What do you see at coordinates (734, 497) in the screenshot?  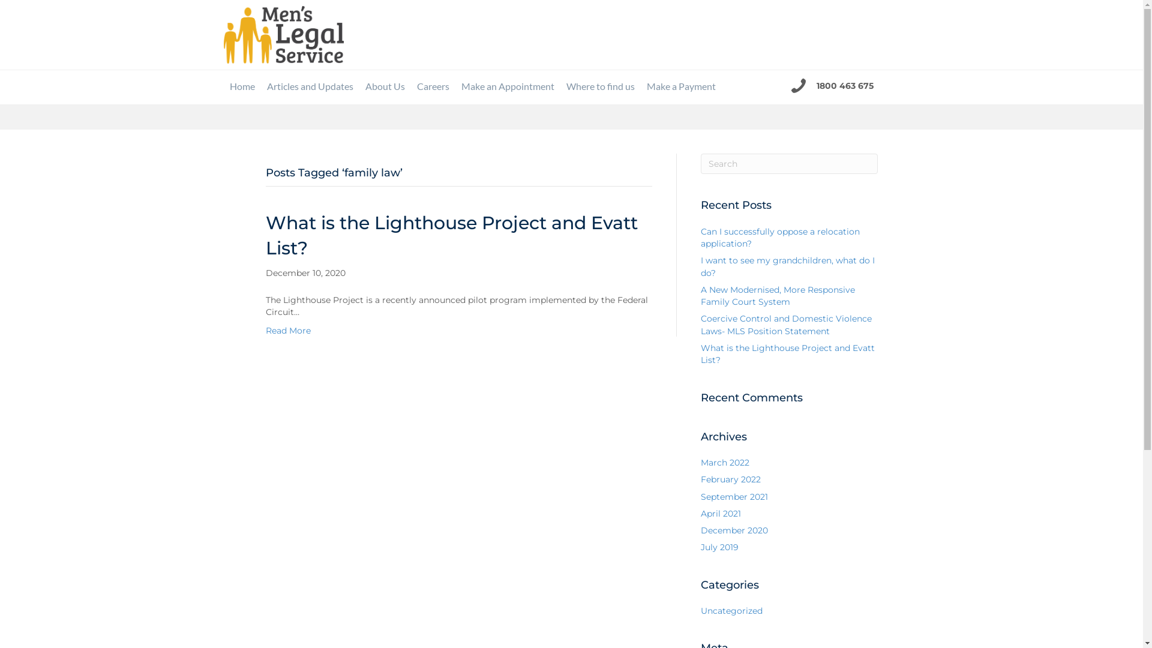 I see `'September 2021'` at bounding box center [734, 497].